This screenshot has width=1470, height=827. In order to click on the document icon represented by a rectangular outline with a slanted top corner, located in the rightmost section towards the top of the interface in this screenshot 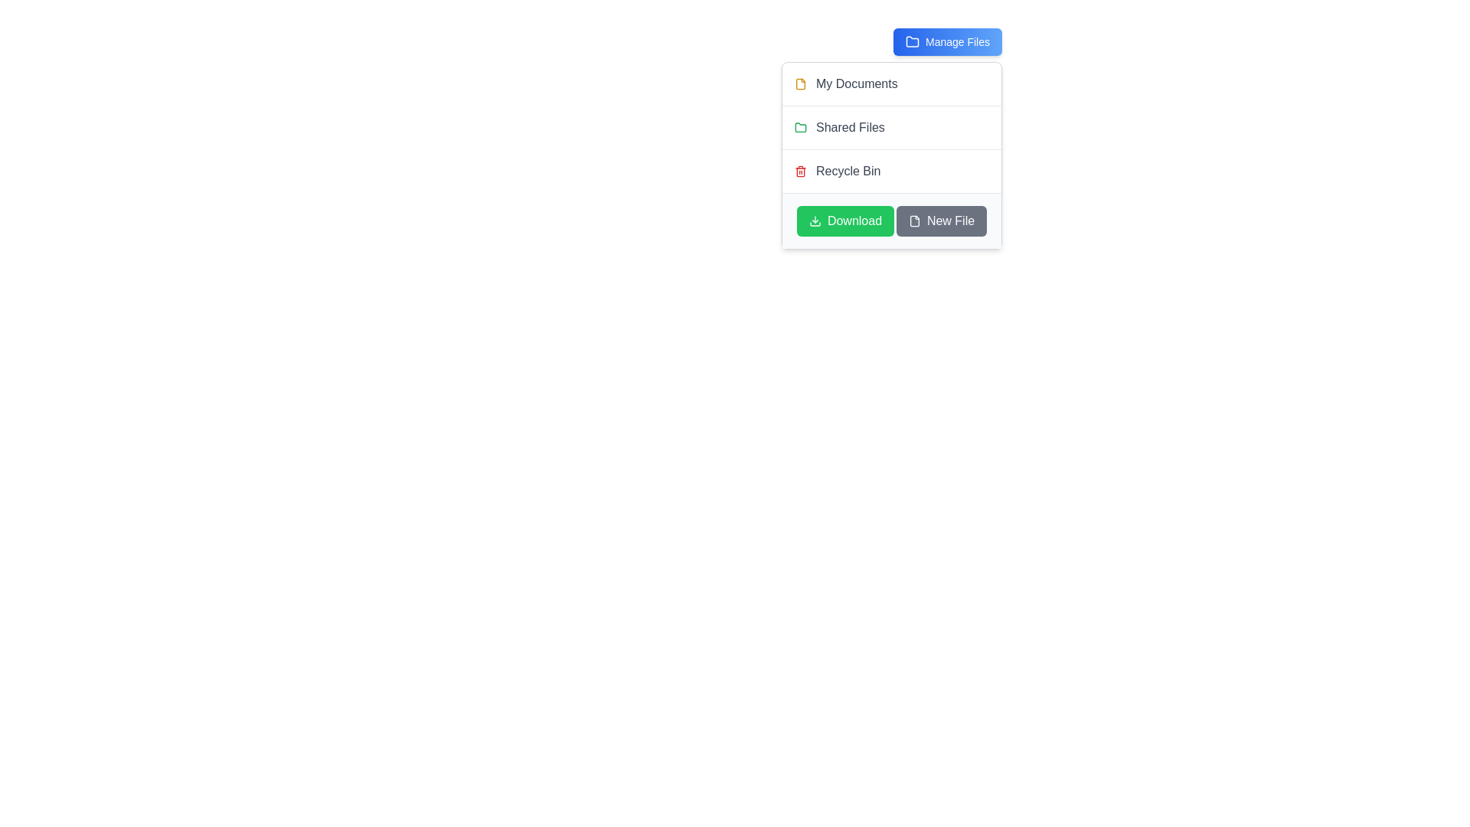, I will do `click(914, 221)`.